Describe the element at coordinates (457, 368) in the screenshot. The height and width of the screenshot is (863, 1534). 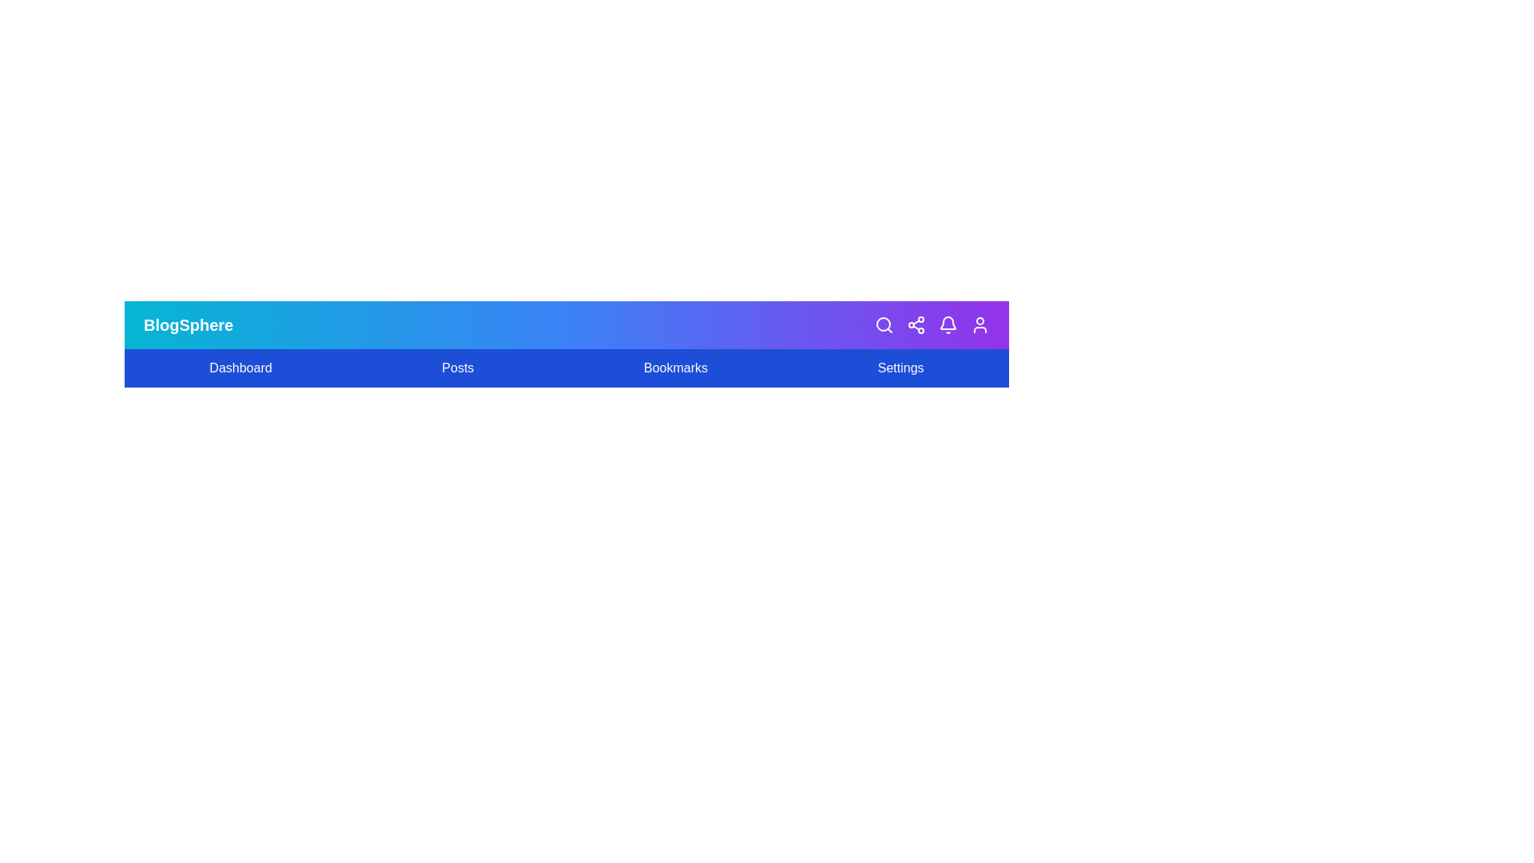
I see `the 'Posts' menu item to navigate to the posts section` at that location.